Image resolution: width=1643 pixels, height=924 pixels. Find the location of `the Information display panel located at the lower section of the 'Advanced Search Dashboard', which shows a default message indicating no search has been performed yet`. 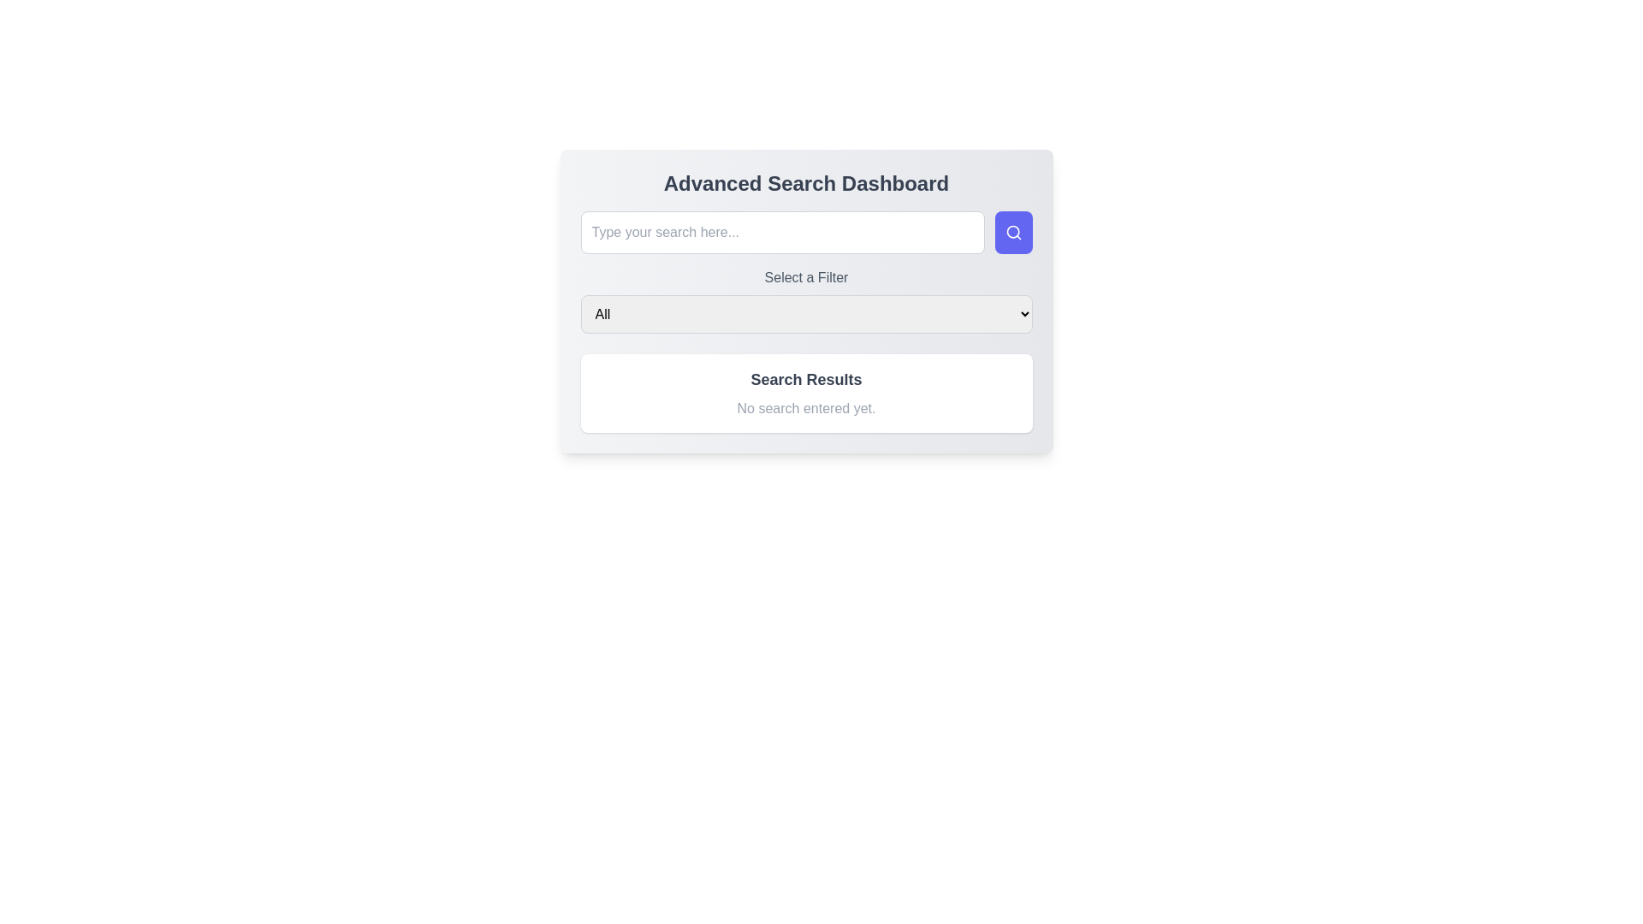

the Information display panel located at the lower section of the 'Advanced Search Dashboard', which shows a default message indicating no search has been performed yet is located at coordinates (805, 393).